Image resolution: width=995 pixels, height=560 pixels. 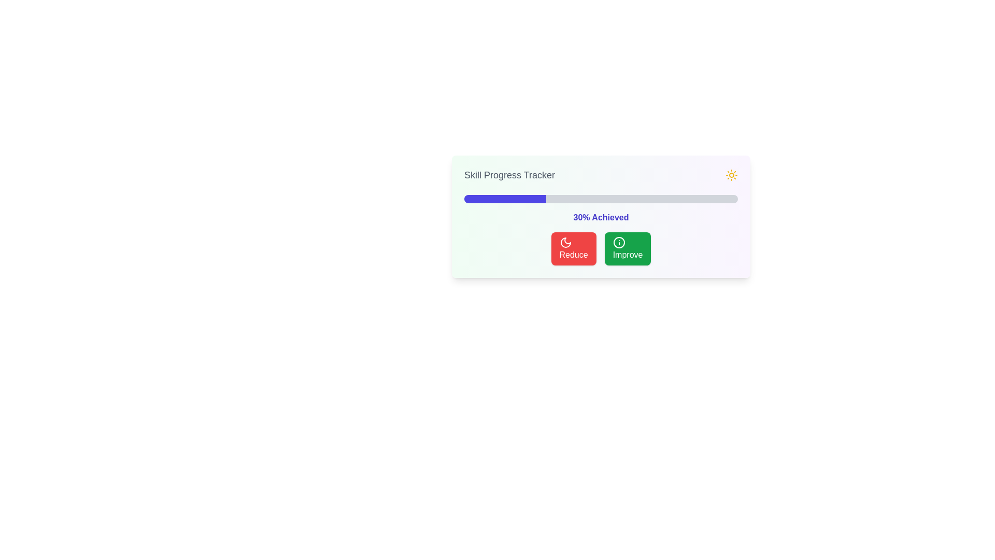 I want to click on progress status from the progress tracker panel located below the 'Skill Progress Tracker' heading and above the 'Reduce' and 'Improve' buttons, so click(x=601, y=216).